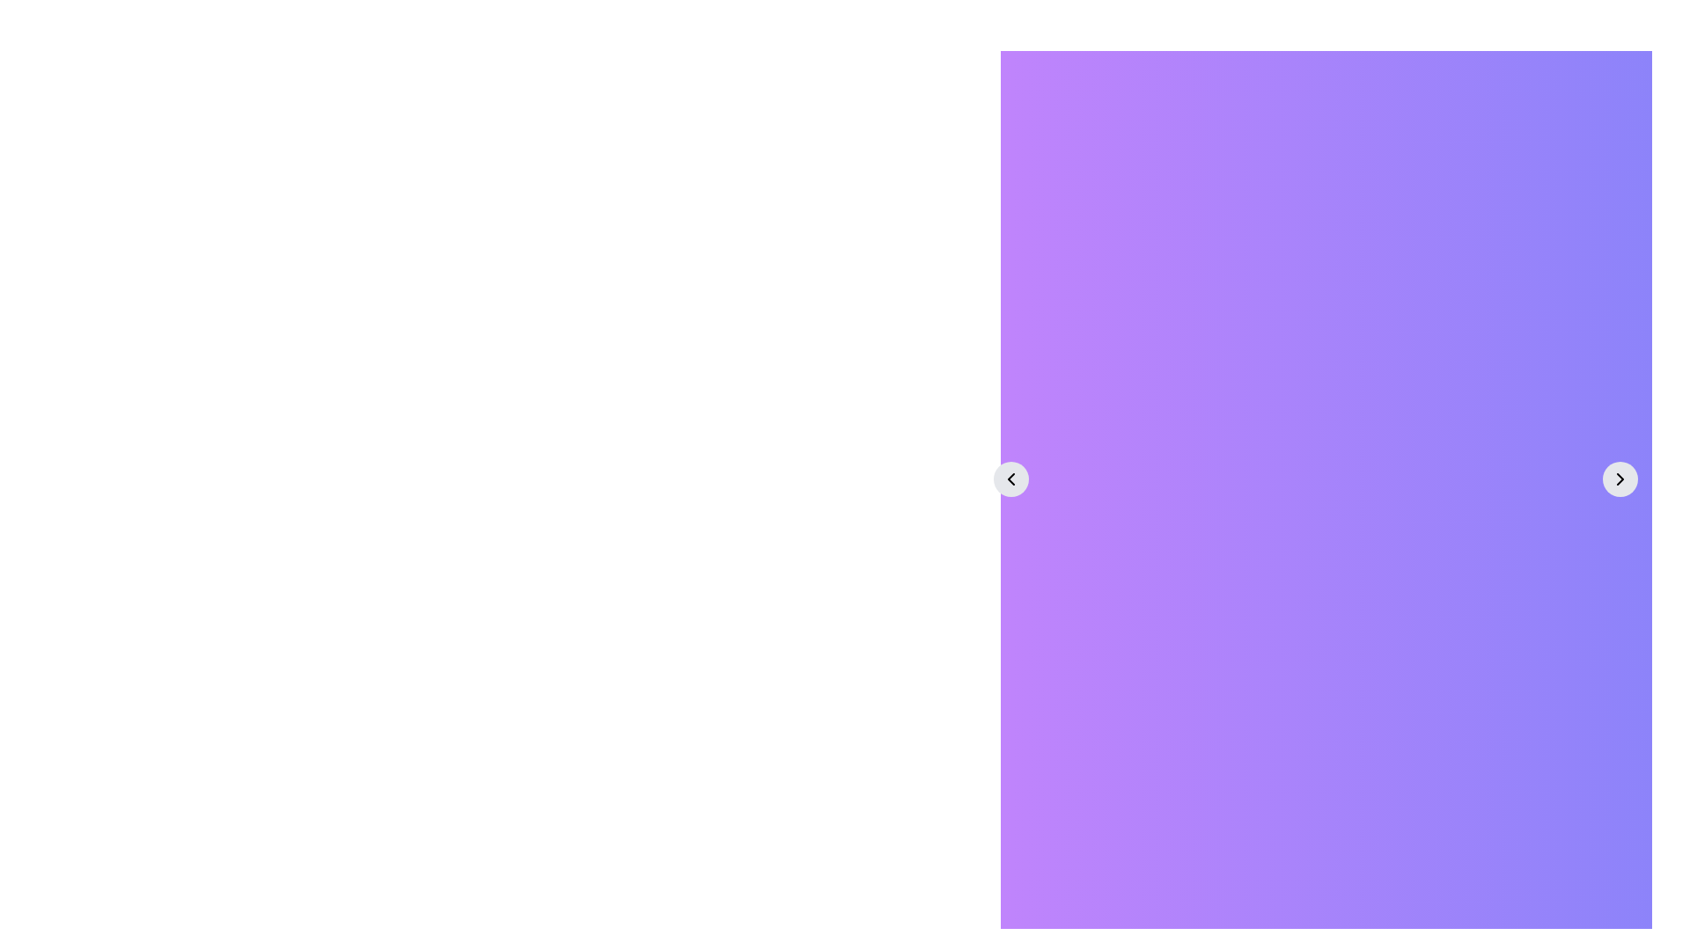  What do you see at coordinates (1620, 479) in the screenshot?
I see `the right-facing chevron icon located within a circular button on the right-hand side` at bounding box center [1620, 479].